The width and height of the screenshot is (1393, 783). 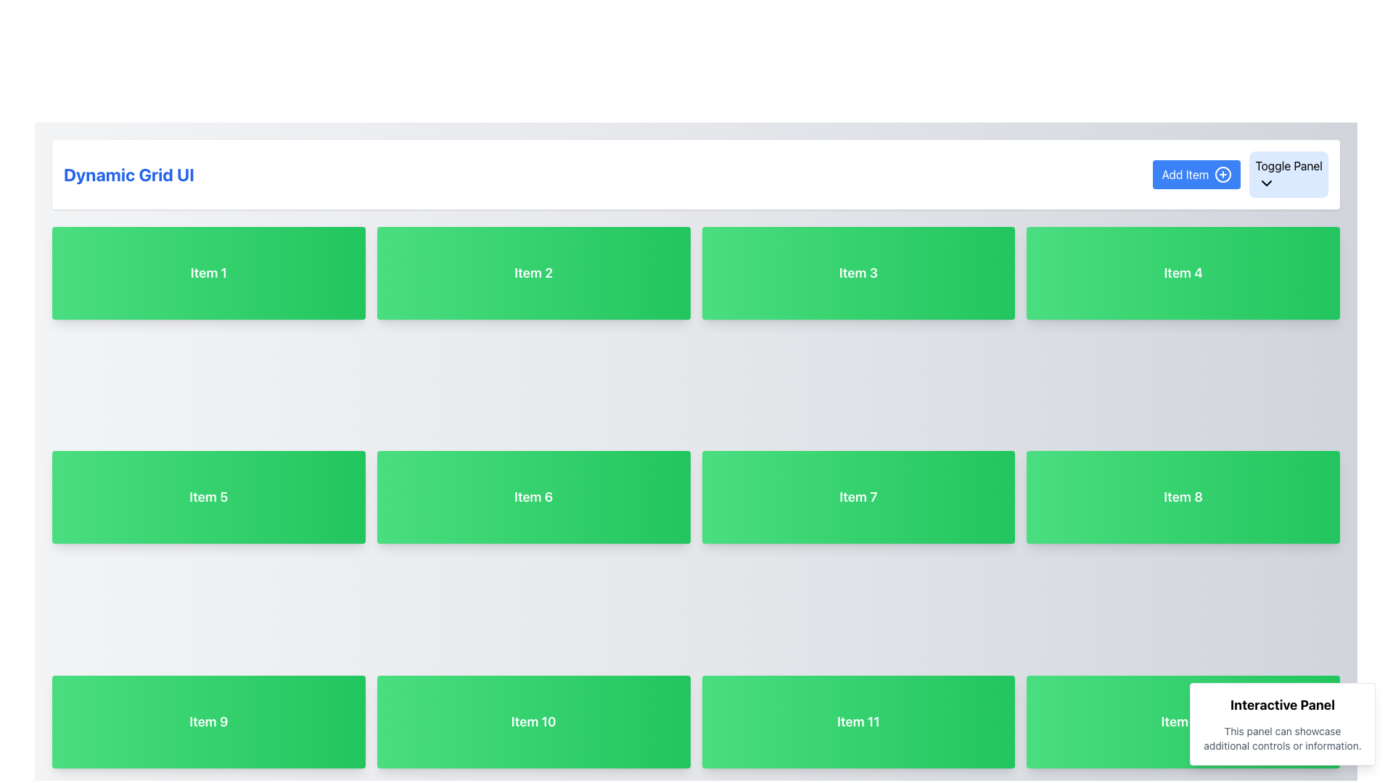 What do you see at coordinates (533, 273) in the screenshot?
I see `the rectangular button or card with a gradient green background and the text 'Item 2' in bold, located in the first row and second column of a 4-column grid layout` at bounding box center [533, 273].